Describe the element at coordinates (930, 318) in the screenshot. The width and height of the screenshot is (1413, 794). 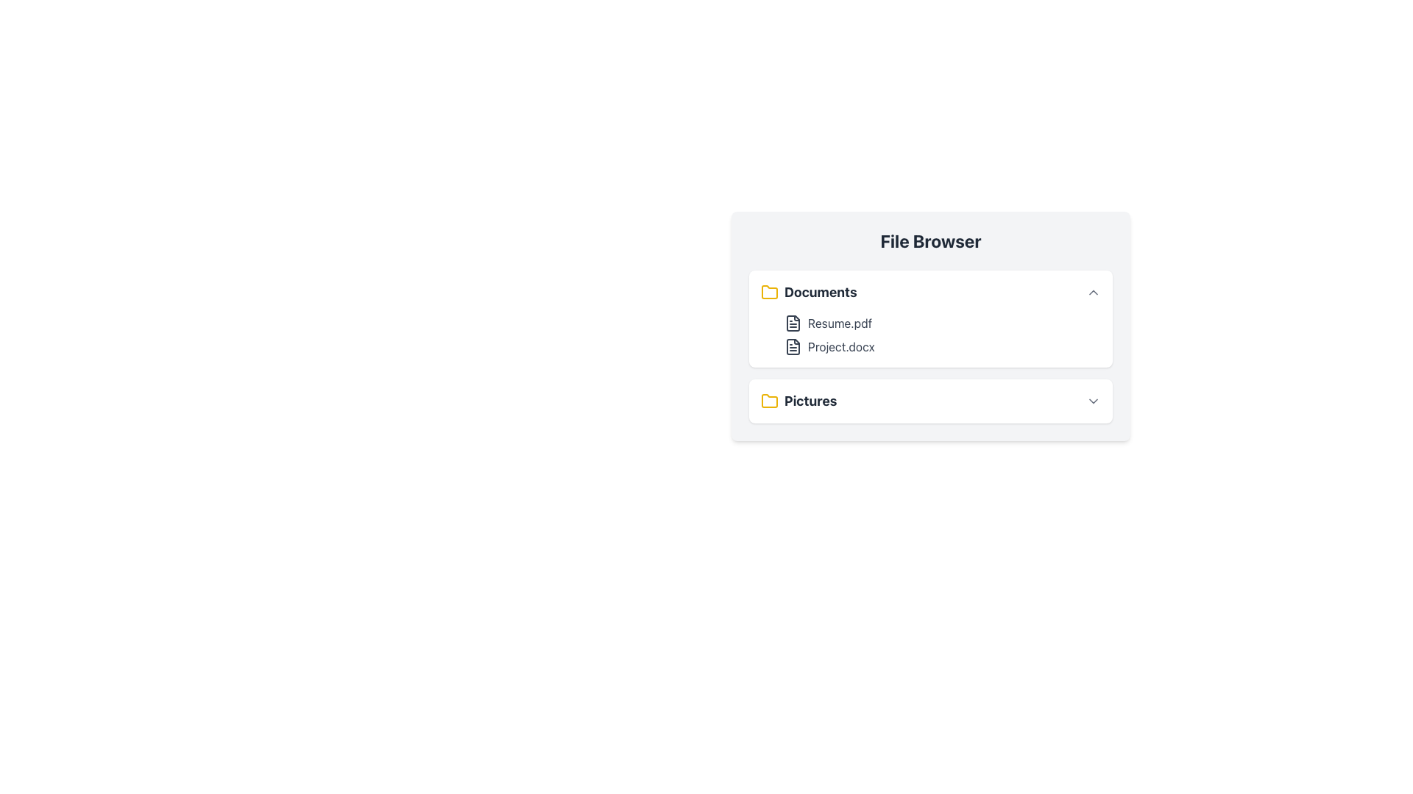
I see `the file name within the Card element representing a folder view interface in the file browser` at that location.